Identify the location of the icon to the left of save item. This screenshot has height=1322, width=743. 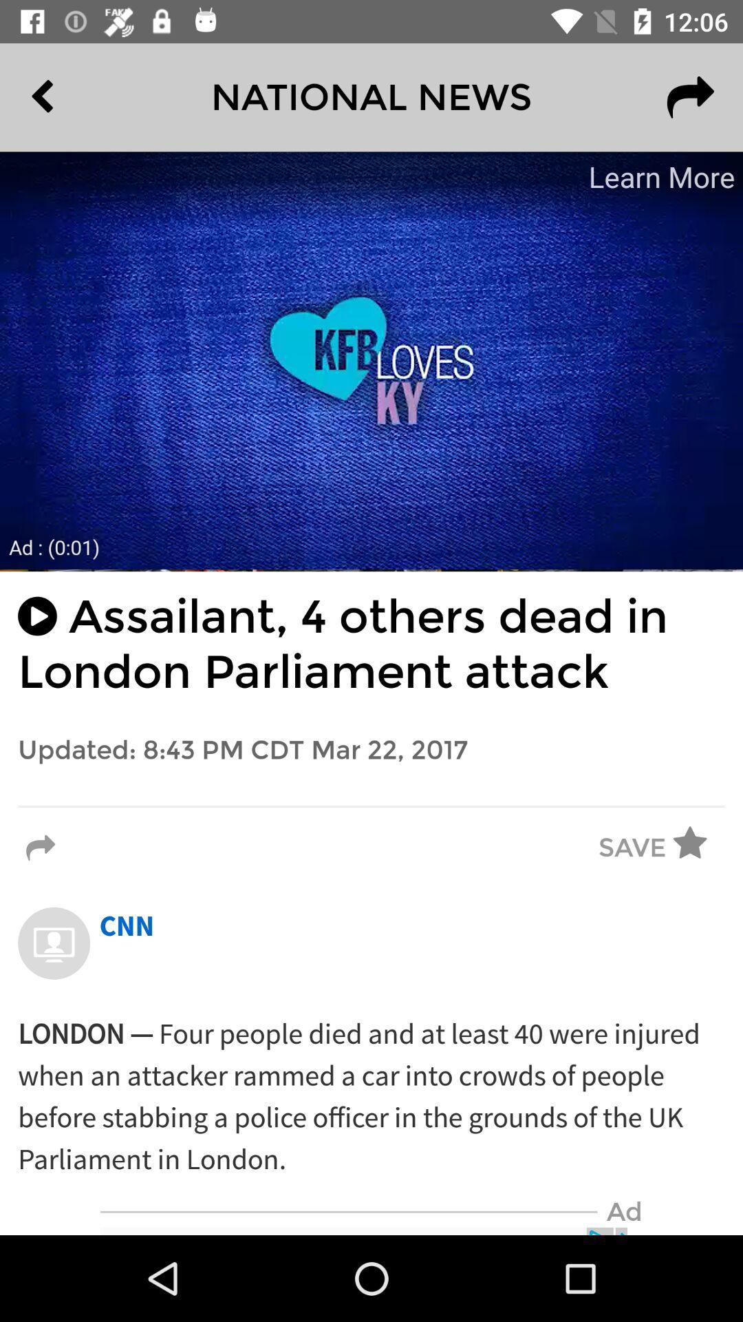
(40, 848).